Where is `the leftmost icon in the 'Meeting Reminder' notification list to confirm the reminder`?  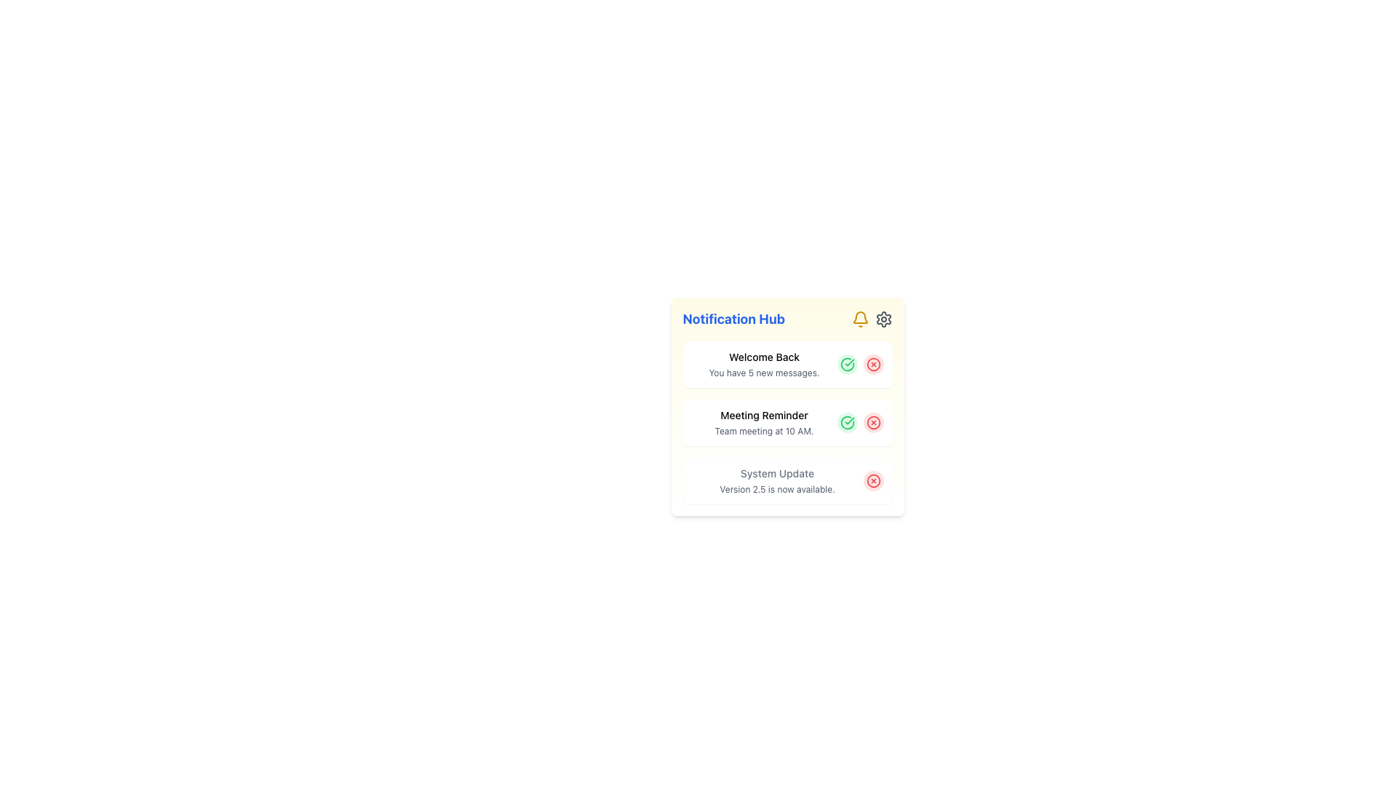 the leftmost icon in the 'Meeting Reminder' notification list to confirm the reminder is located at coordinates (847, 423).